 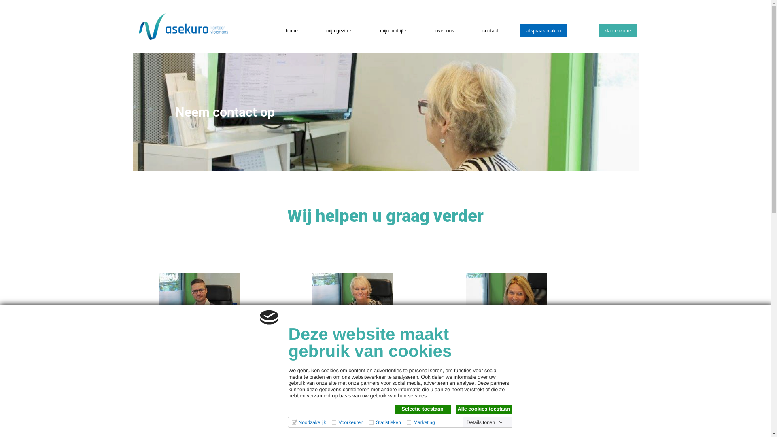 I want to click on 'Selectie toestaan', so click(x=394, y=409).